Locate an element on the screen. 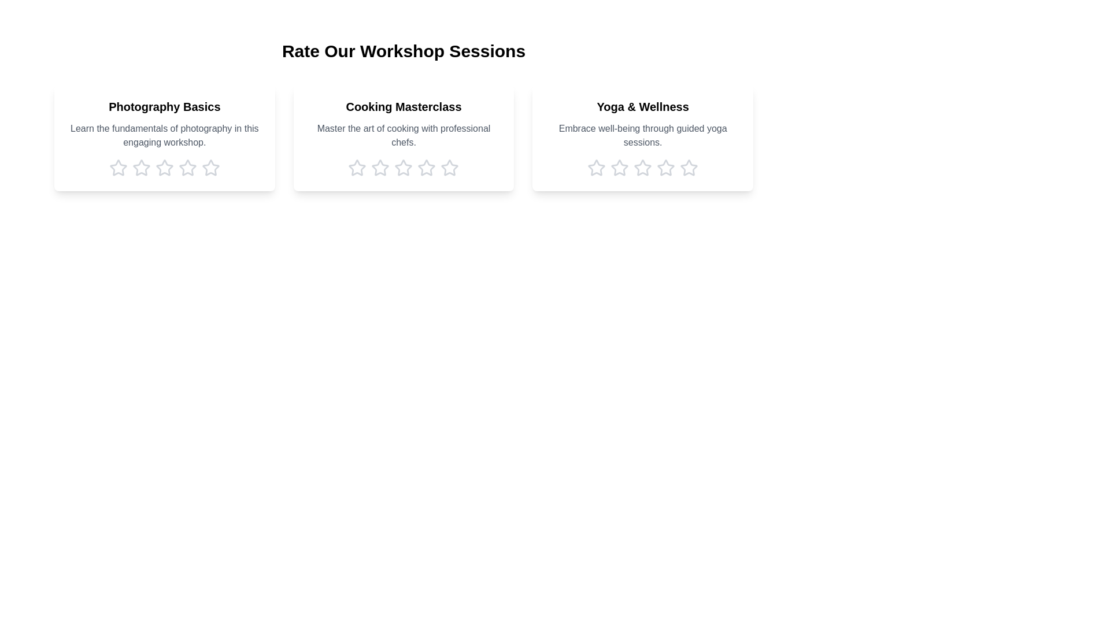 The width and height of the screenshot is (1110, 624). the 1 star for the specified workshop to preview the selection is located at coordinates (118, 168).